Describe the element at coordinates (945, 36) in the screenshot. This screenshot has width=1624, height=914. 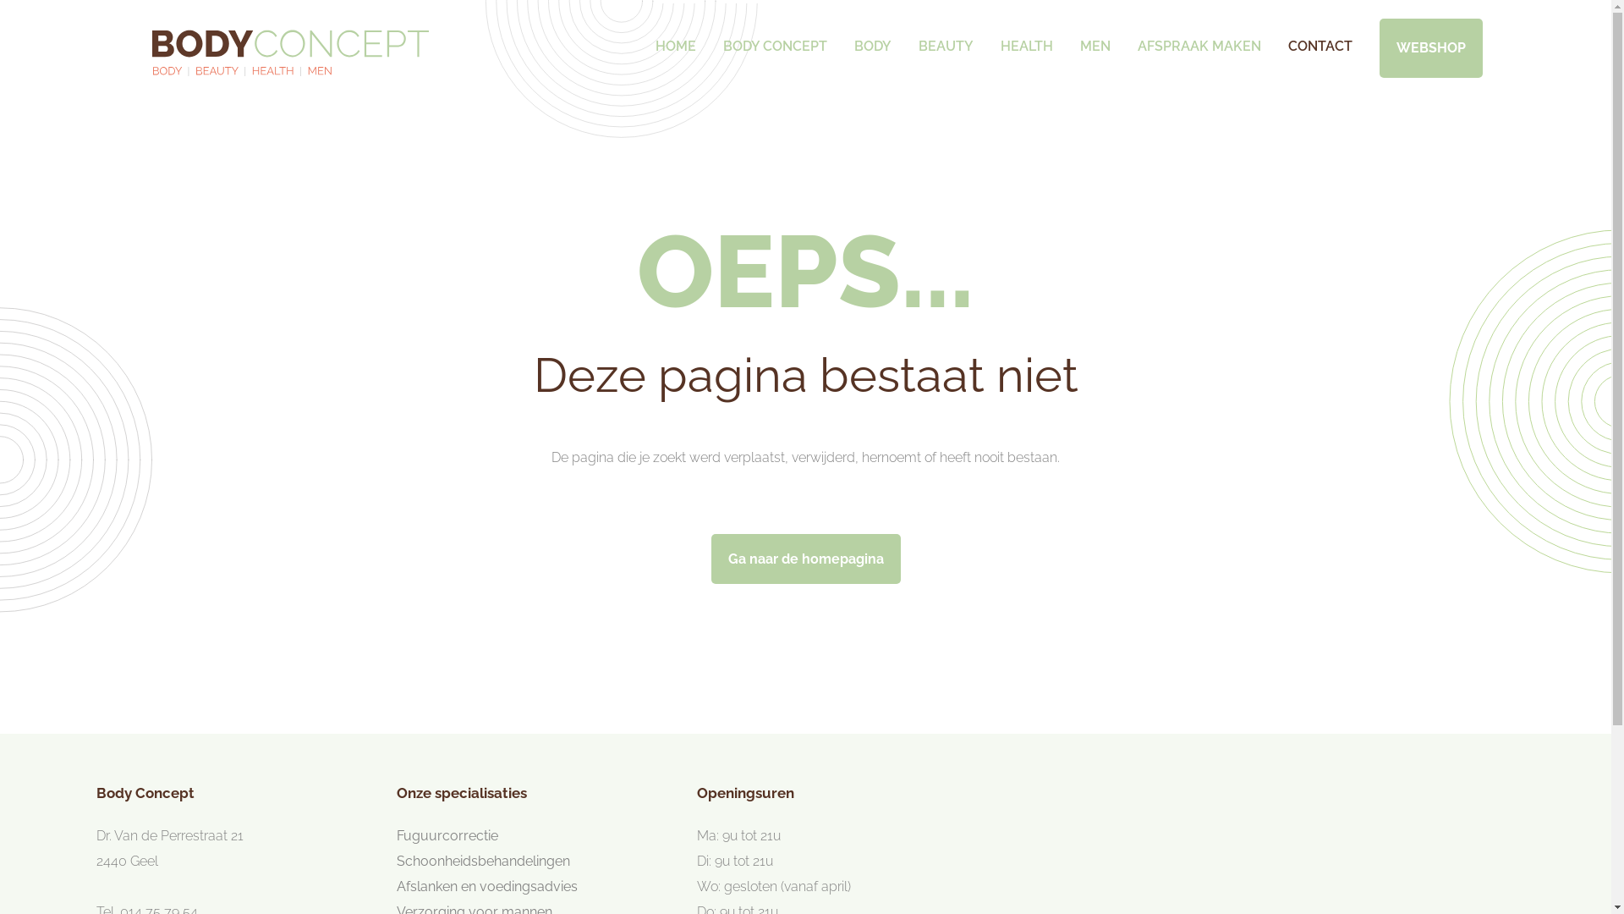
I see `'BEAUTY'` at that location.